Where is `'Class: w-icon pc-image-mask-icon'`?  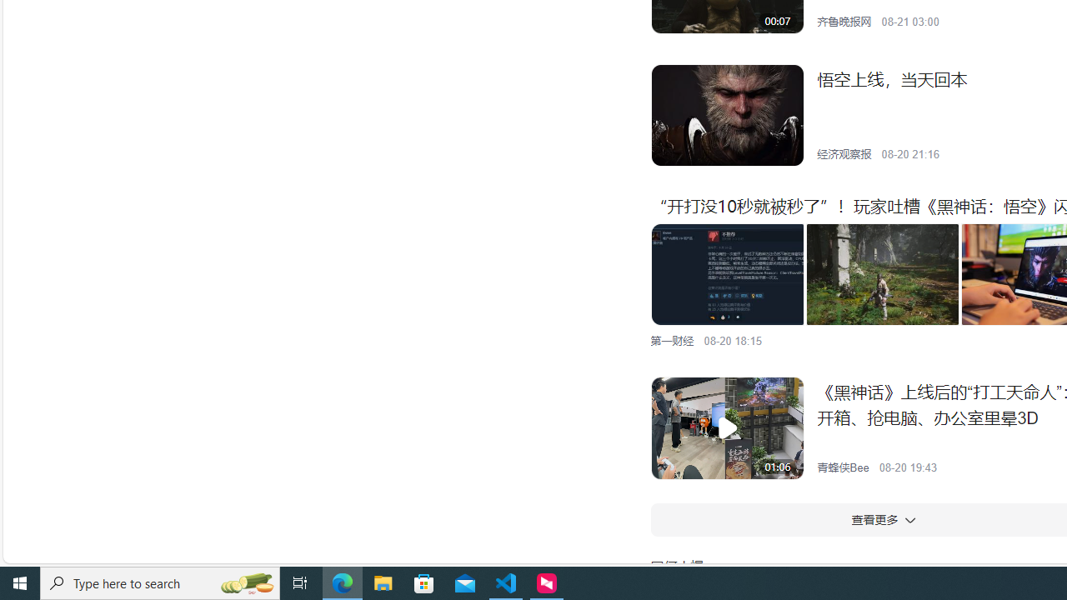
'Class: w-icon pc-image-mask-icon' is located at coordinates (727, 427).